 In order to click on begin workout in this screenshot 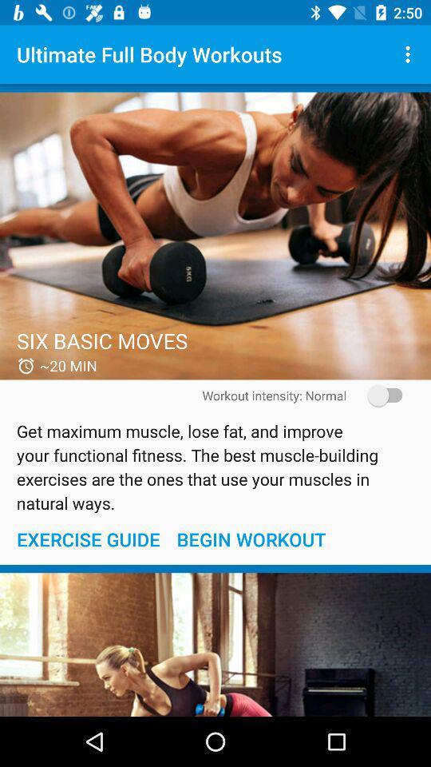, I will do `click(251, 539)`.